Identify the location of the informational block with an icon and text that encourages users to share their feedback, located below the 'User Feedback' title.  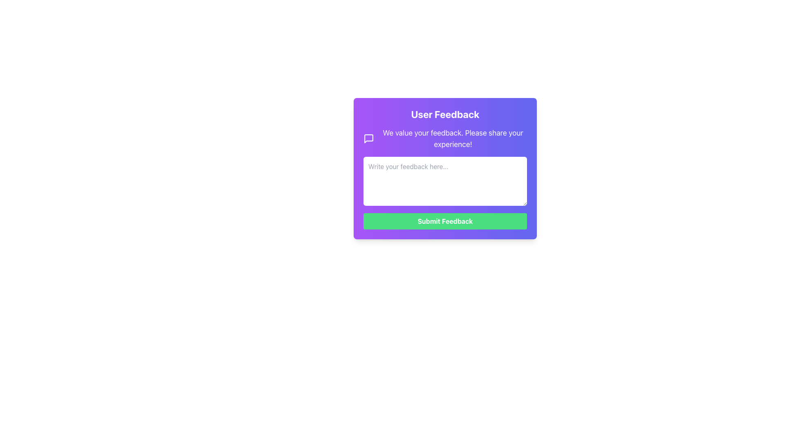
(445, 138).